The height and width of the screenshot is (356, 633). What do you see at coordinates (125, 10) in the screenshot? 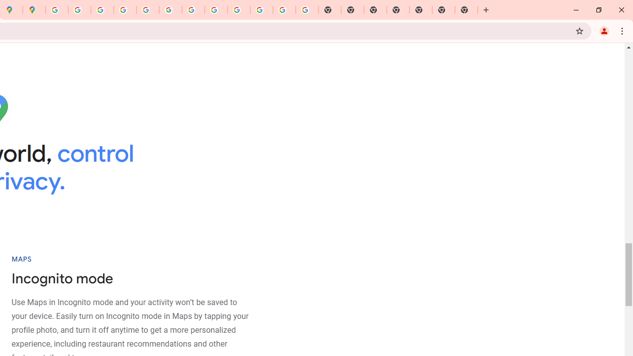
I see `'Privacy Help Center - Policies Help'` at bounding box center [125, 10].